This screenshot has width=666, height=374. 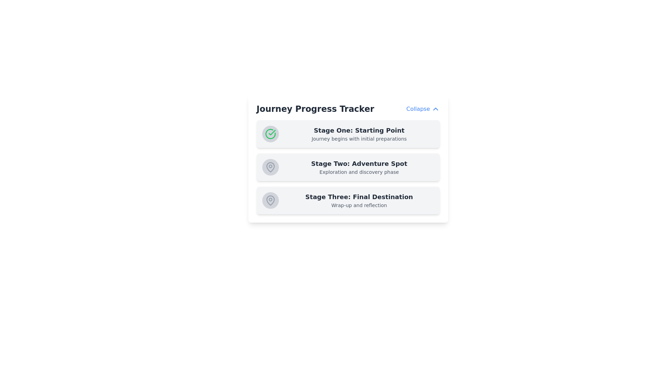 I want to click on the title text label that indicates the current step in the progress tracker, located in the left center of the page above the subtext 'Journey begins with initial preparations', so click(x=359, y=131).